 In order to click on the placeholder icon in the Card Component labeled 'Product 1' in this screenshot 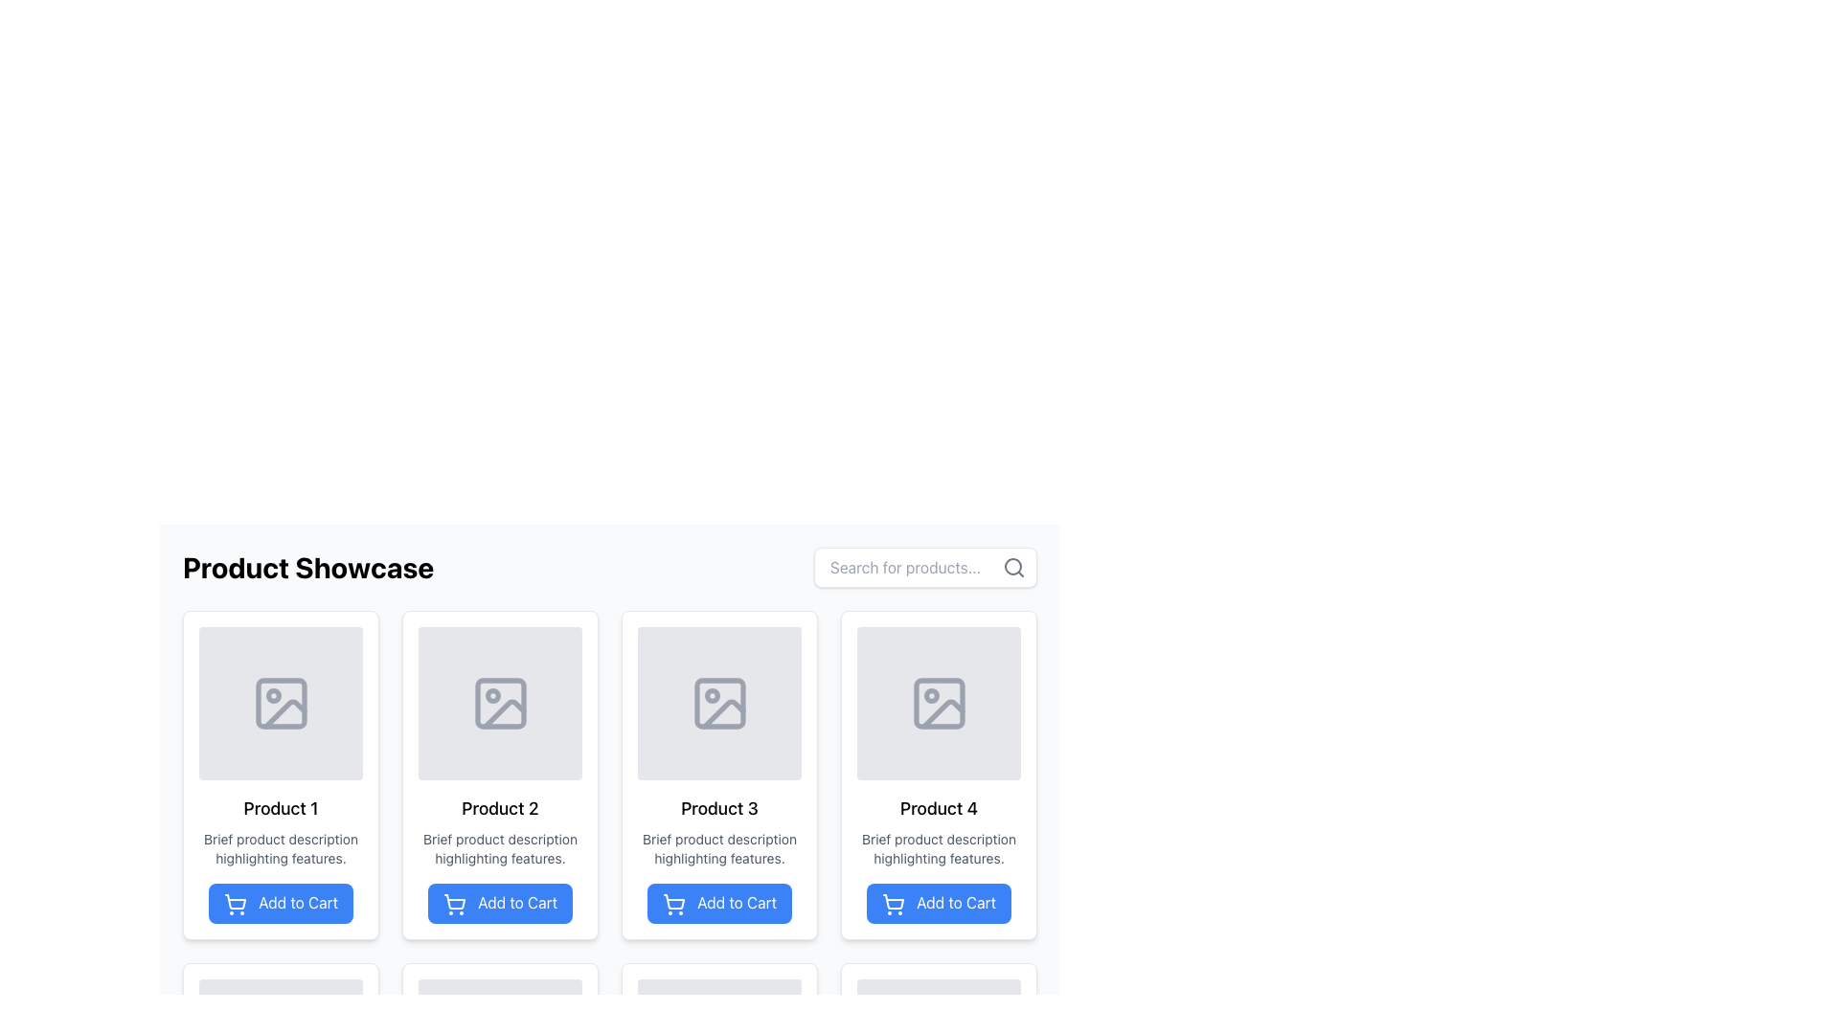, I will do `click(280, 774)`.